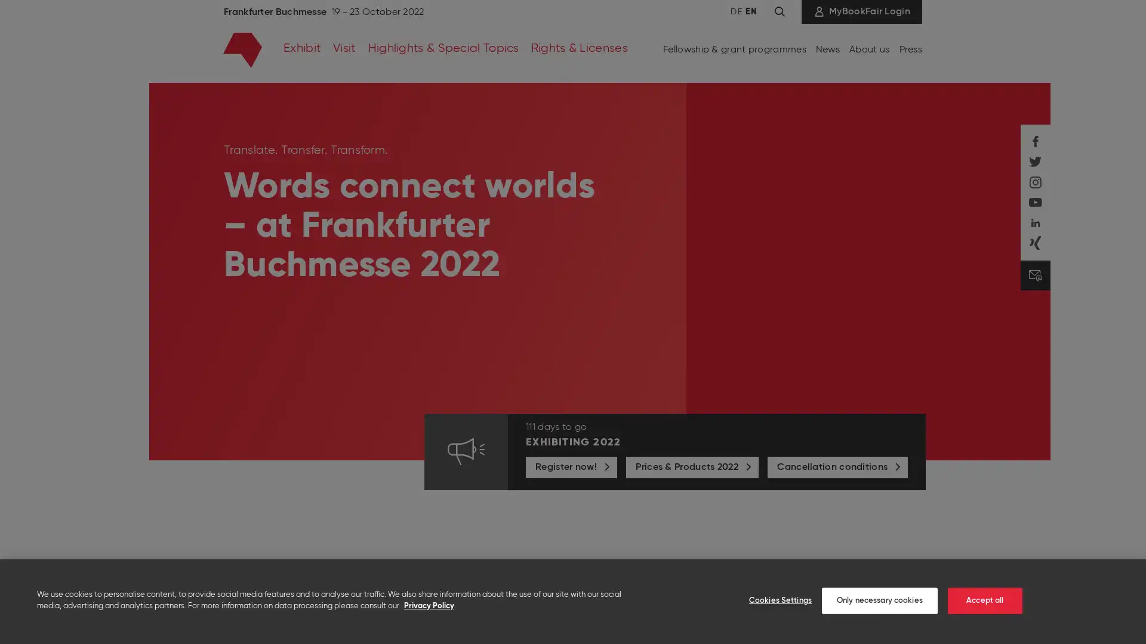 Image resolution: width=1146 pixels, height=644 pixels. What do you see at coordinates (984, 600) in the screenshot?
I see `Accept all` at bounding box center [984, 600].